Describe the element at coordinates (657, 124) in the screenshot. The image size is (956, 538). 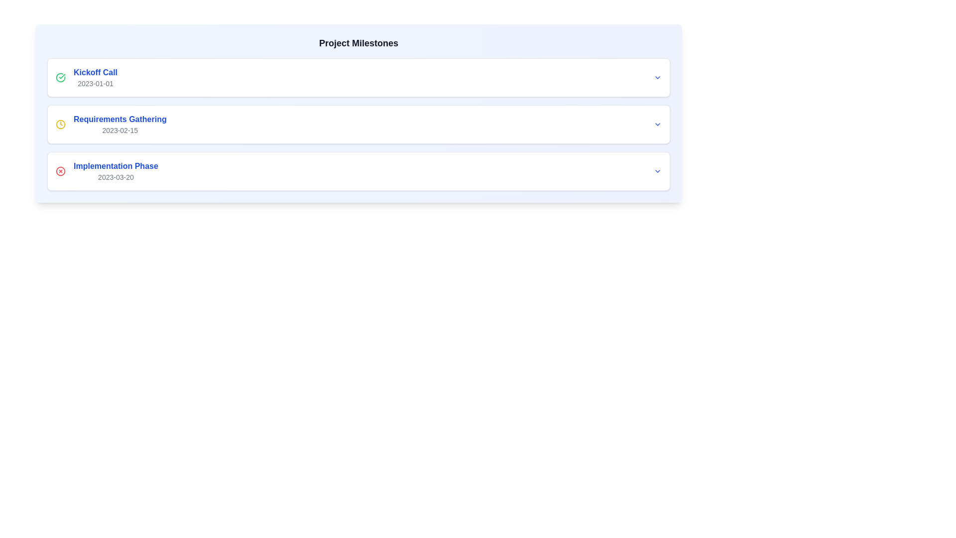
I see `the blue downward-pointing chevron icon button located at the rightmost side of the 'Requirements Gathering' milestone entry panel` at that location.